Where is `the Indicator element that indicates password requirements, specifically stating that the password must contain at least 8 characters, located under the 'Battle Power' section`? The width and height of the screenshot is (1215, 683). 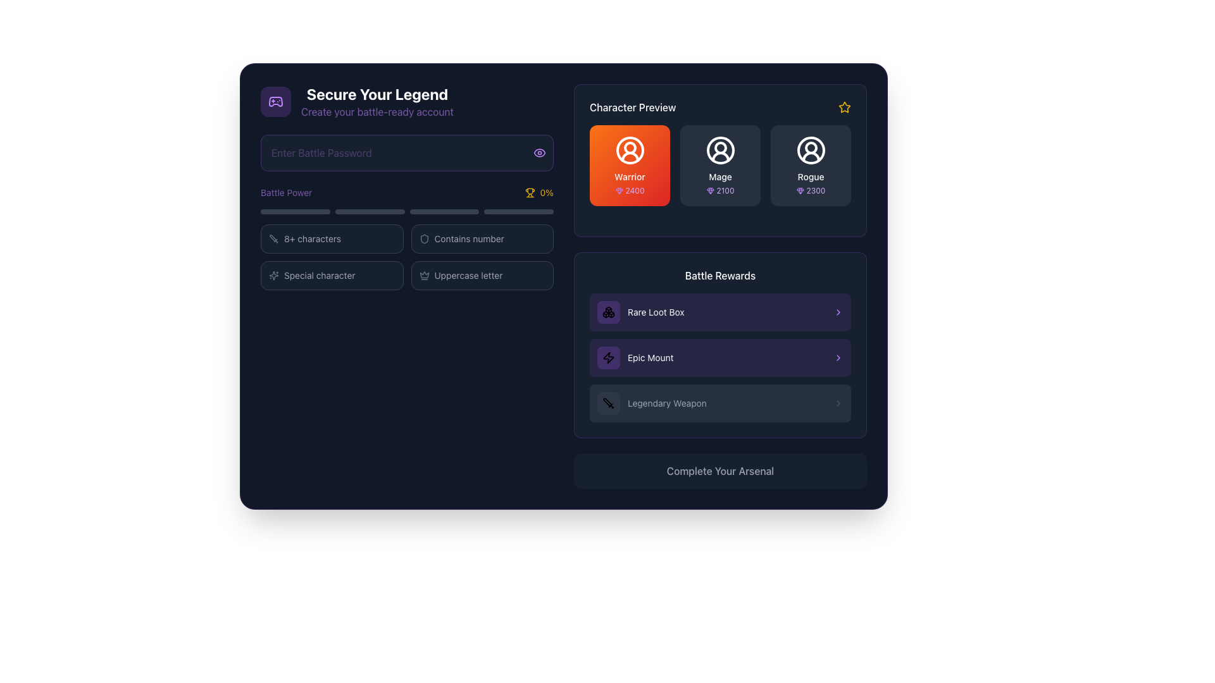
the Indicator element that indicates password requirements, specifically stating that the password must contain at least 8 characters, located under the 'Battle Power' section is located at coordinates (332, 239).